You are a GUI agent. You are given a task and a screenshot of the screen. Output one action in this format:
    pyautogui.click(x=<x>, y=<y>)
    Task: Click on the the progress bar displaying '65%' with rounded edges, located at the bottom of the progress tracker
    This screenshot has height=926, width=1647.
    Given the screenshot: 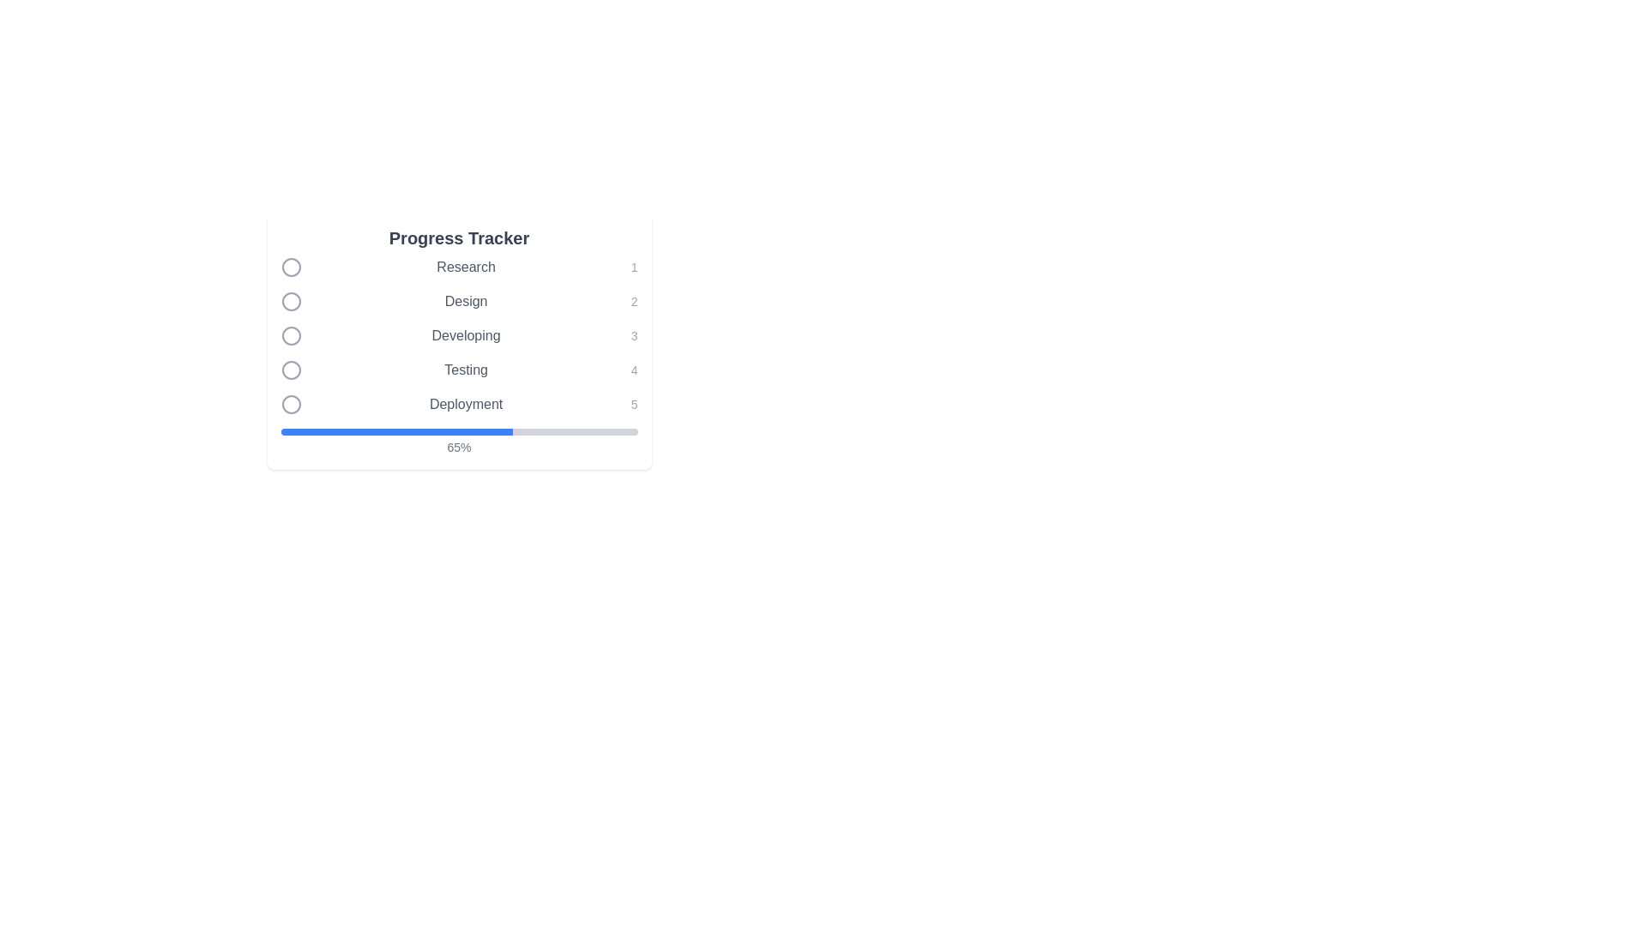 What is the action you would take?
    pyautogui.click(x=459, y=442)
    